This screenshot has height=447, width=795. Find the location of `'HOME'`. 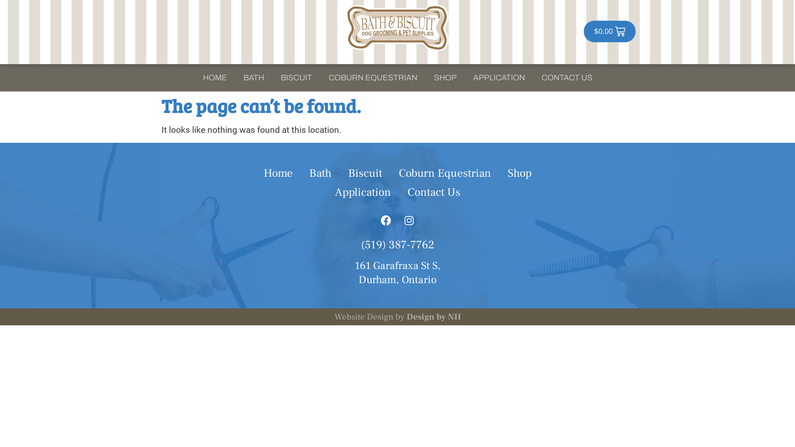

'HOME' is located at coordinates (194, 78).